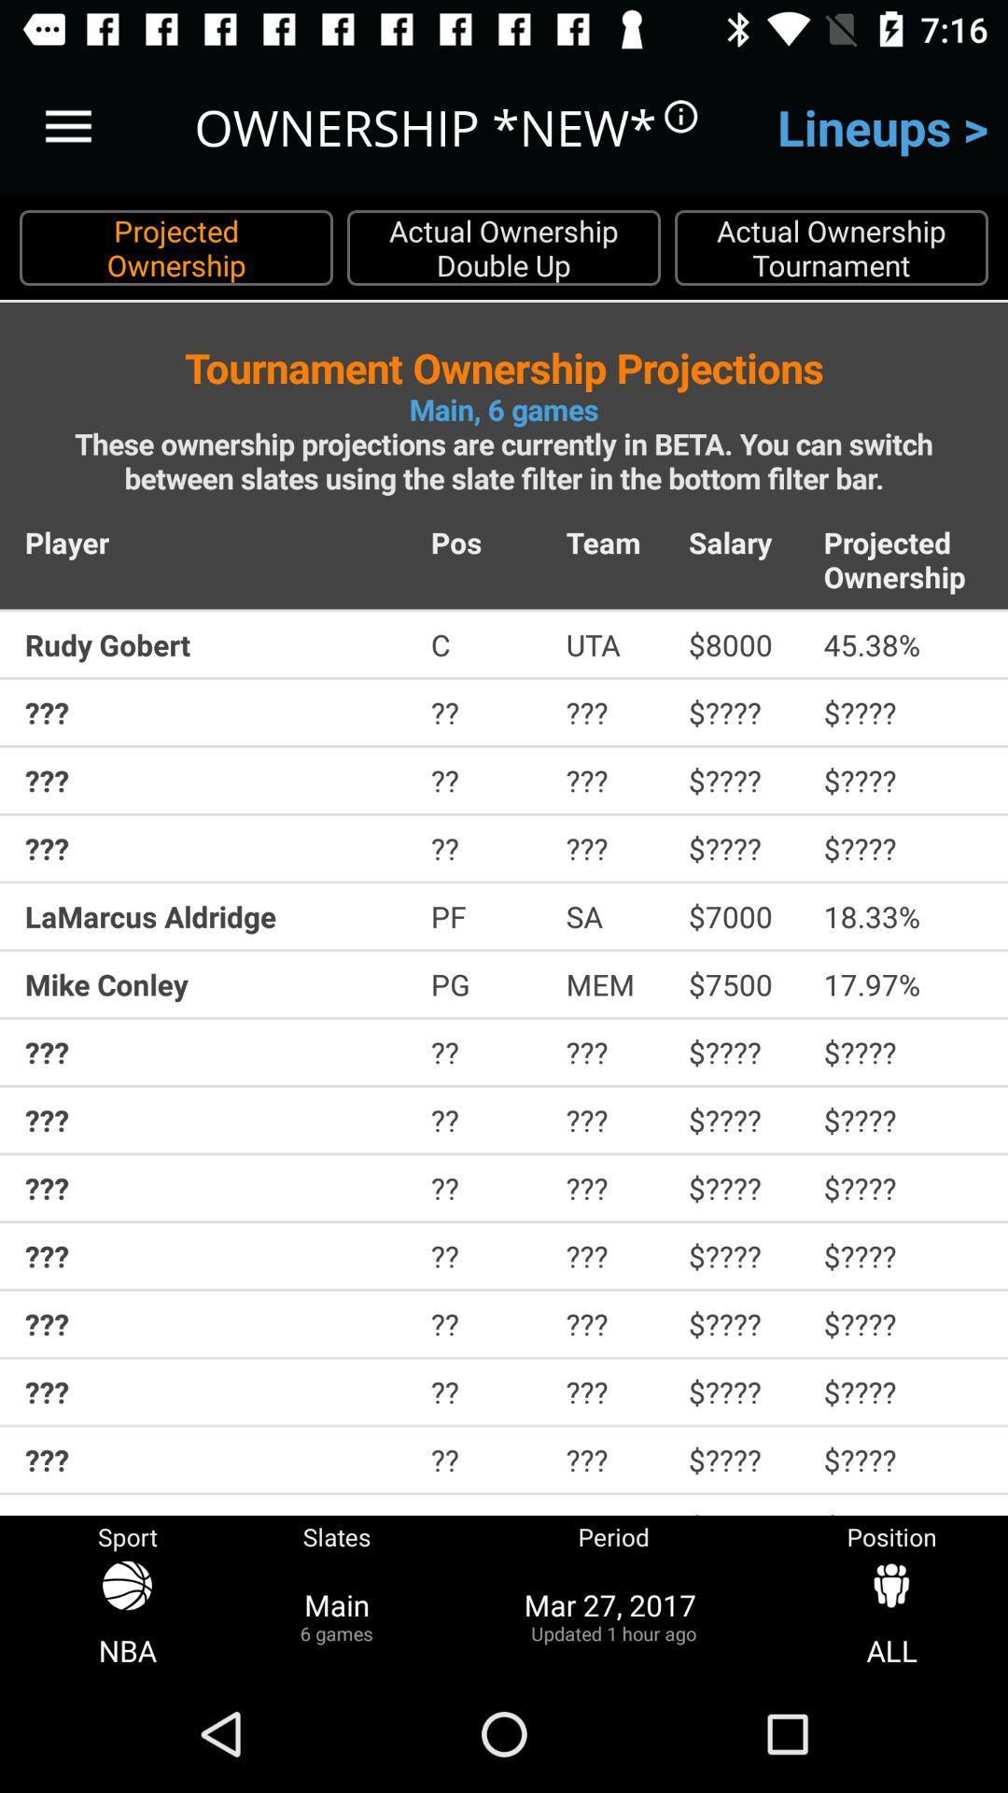 The height and width of the screenshot is (1793, 1008). What do you see at coordinates (215, 983) in the screenshot?
I see `item to the left of the pg` at bounding box center [215, 983].